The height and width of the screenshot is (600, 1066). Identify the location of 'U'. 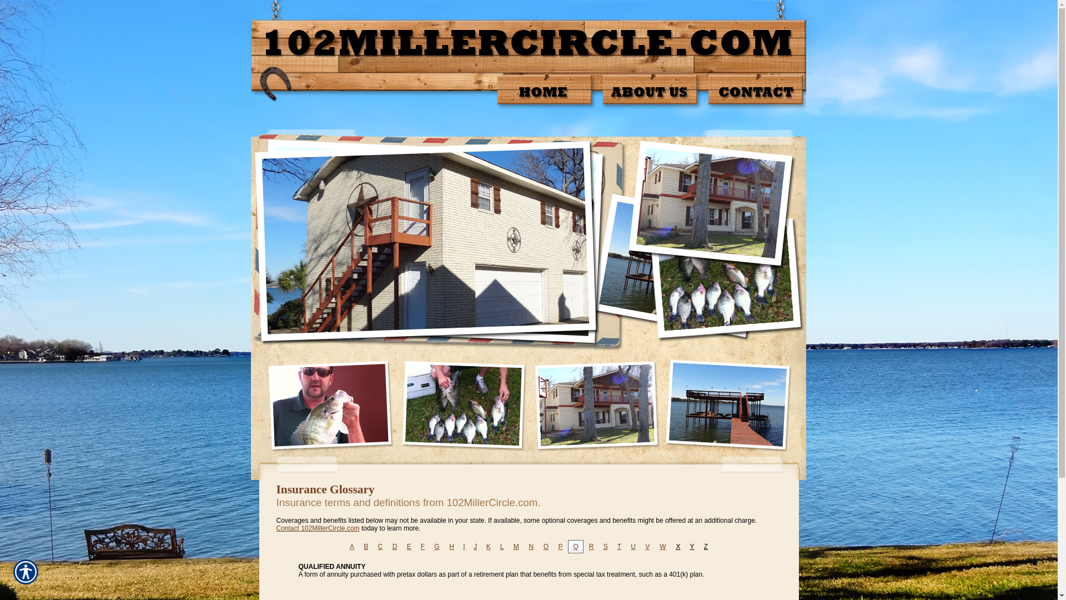
(633, 546).